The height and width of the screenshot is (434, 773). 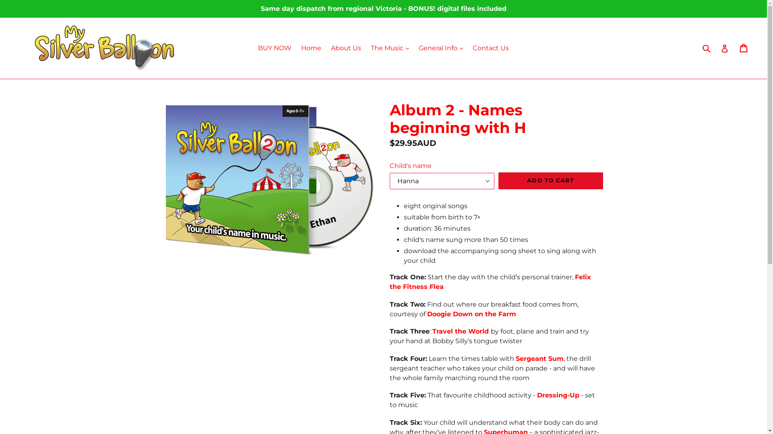 What do you see at coordinates (310, 48) in the screenshot?
I see `'Home'` at bounding box center [310, 48].